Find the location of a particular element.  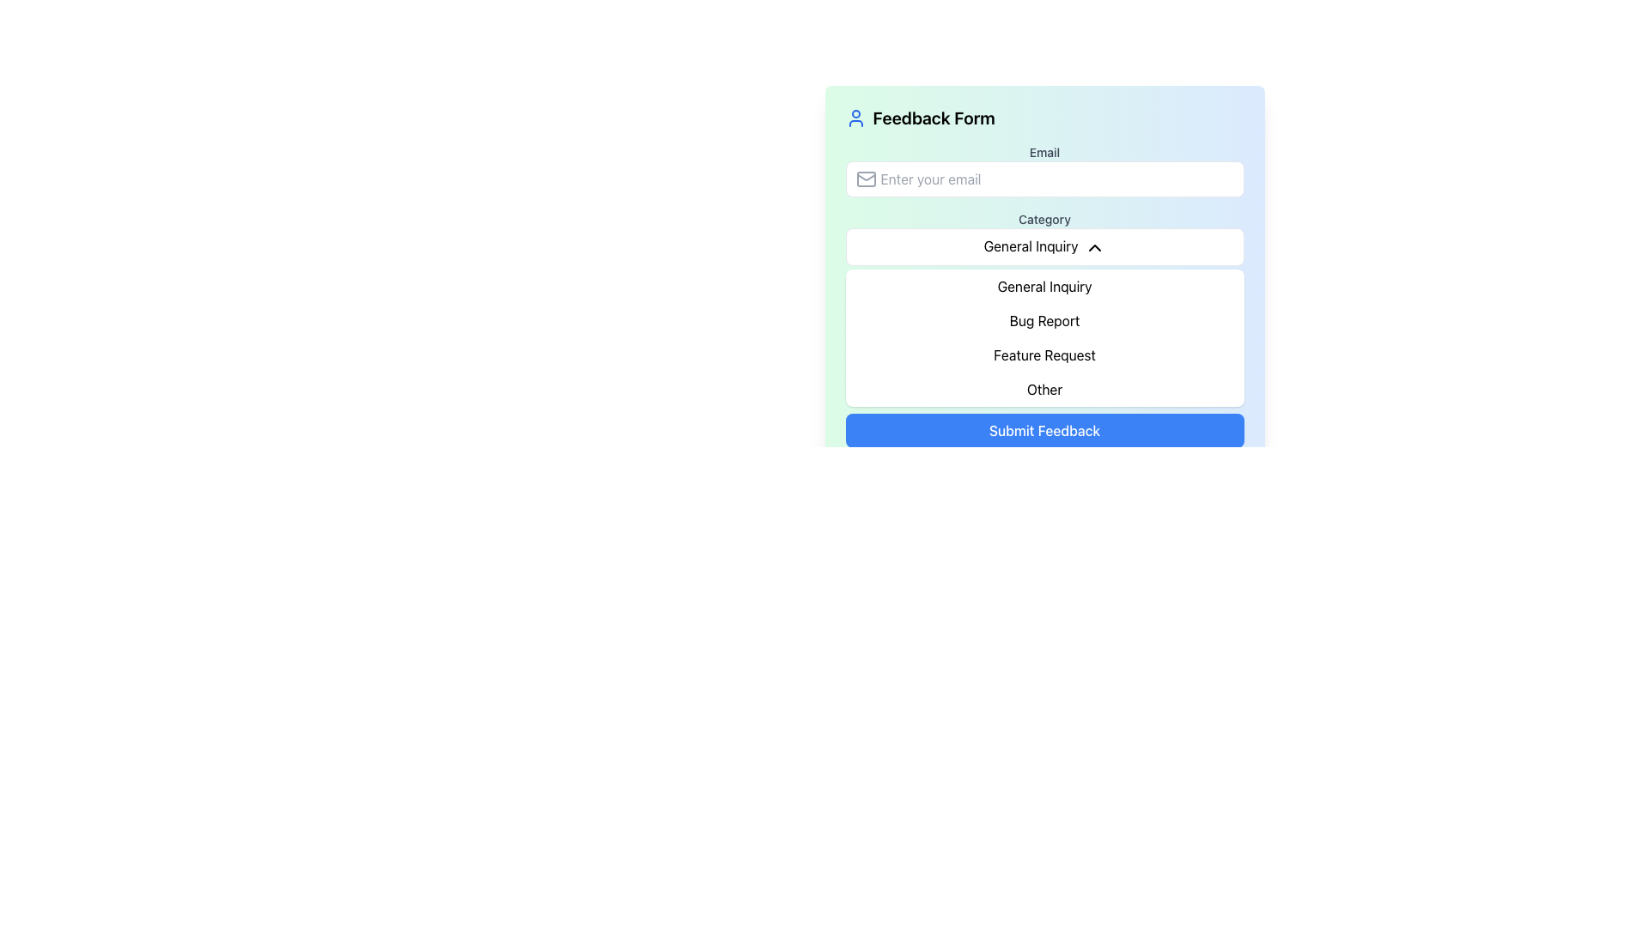

the upward-facing chevron icon located in the 'Category' section, next to 'General Inquiry' is located at coordinates (1094, 247).